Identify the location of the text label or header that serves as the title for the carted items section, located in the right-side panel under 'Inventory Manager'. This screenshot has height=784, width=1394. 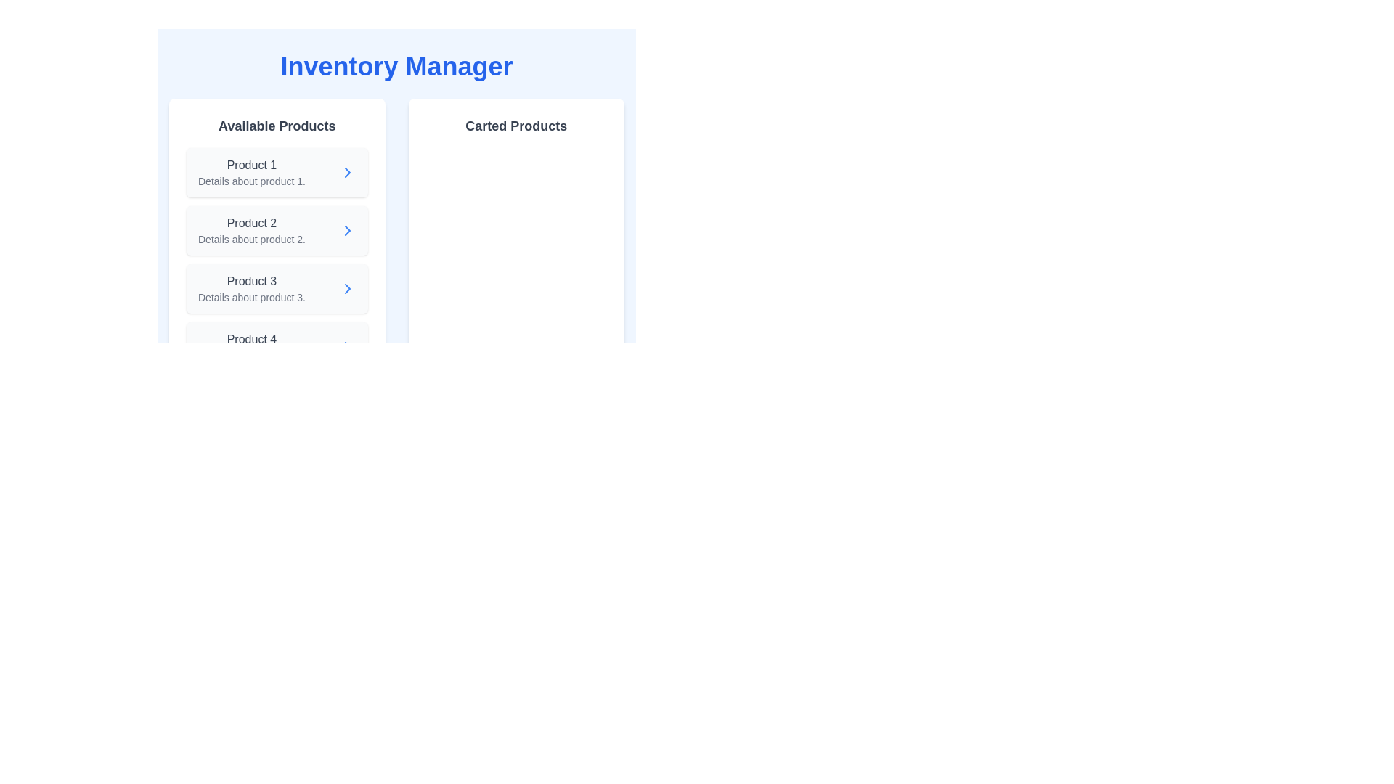
(516, 125).